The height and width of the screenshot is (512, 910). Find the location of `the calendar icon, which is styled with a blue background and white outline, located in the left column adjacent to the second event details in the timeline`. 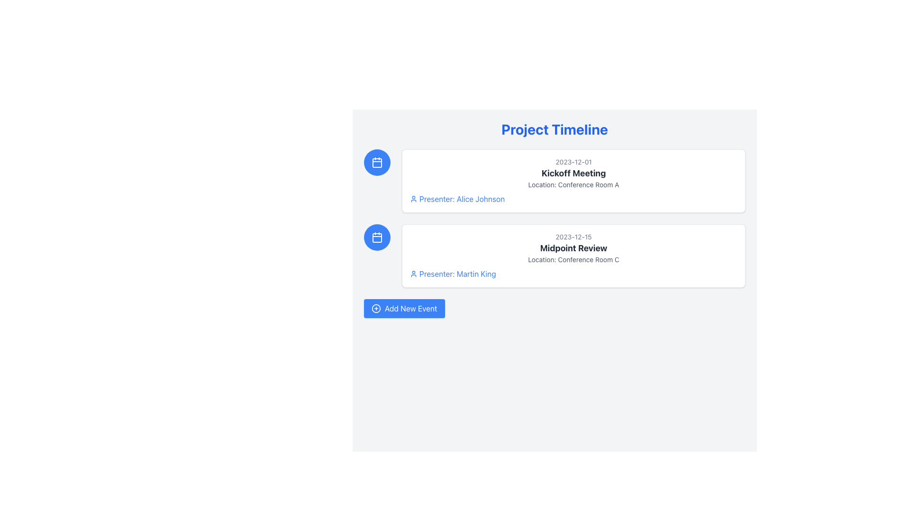

the calendar icon, which is styled with a blue background and white outline, located in the left column adjacent to the second event details in the timeline is located at coordinates (377, 237).